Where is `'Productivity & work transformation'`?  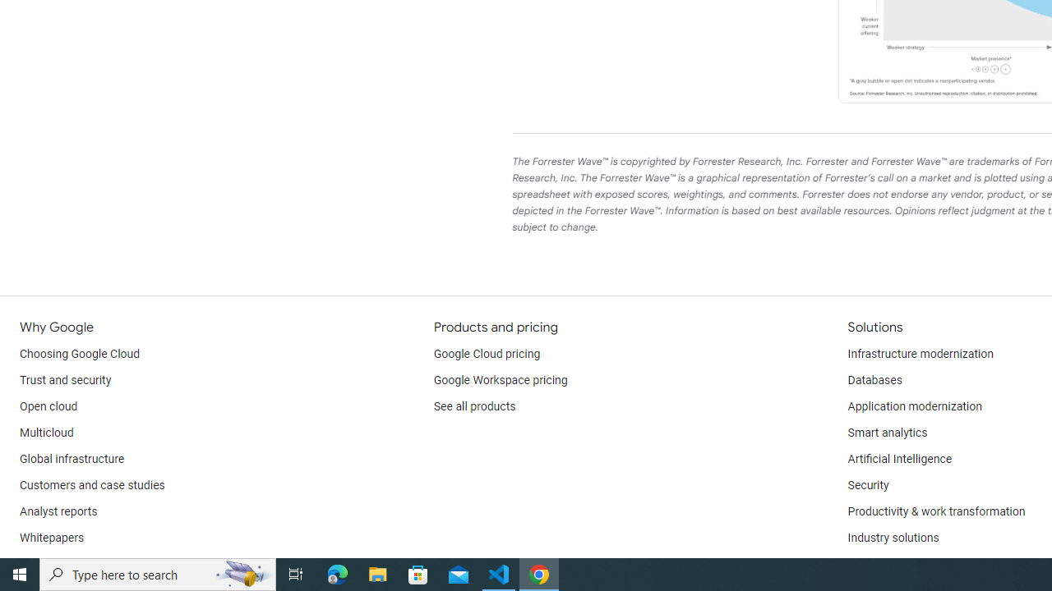 'Productivity & work transformation' is located at coordinates (936, 511).